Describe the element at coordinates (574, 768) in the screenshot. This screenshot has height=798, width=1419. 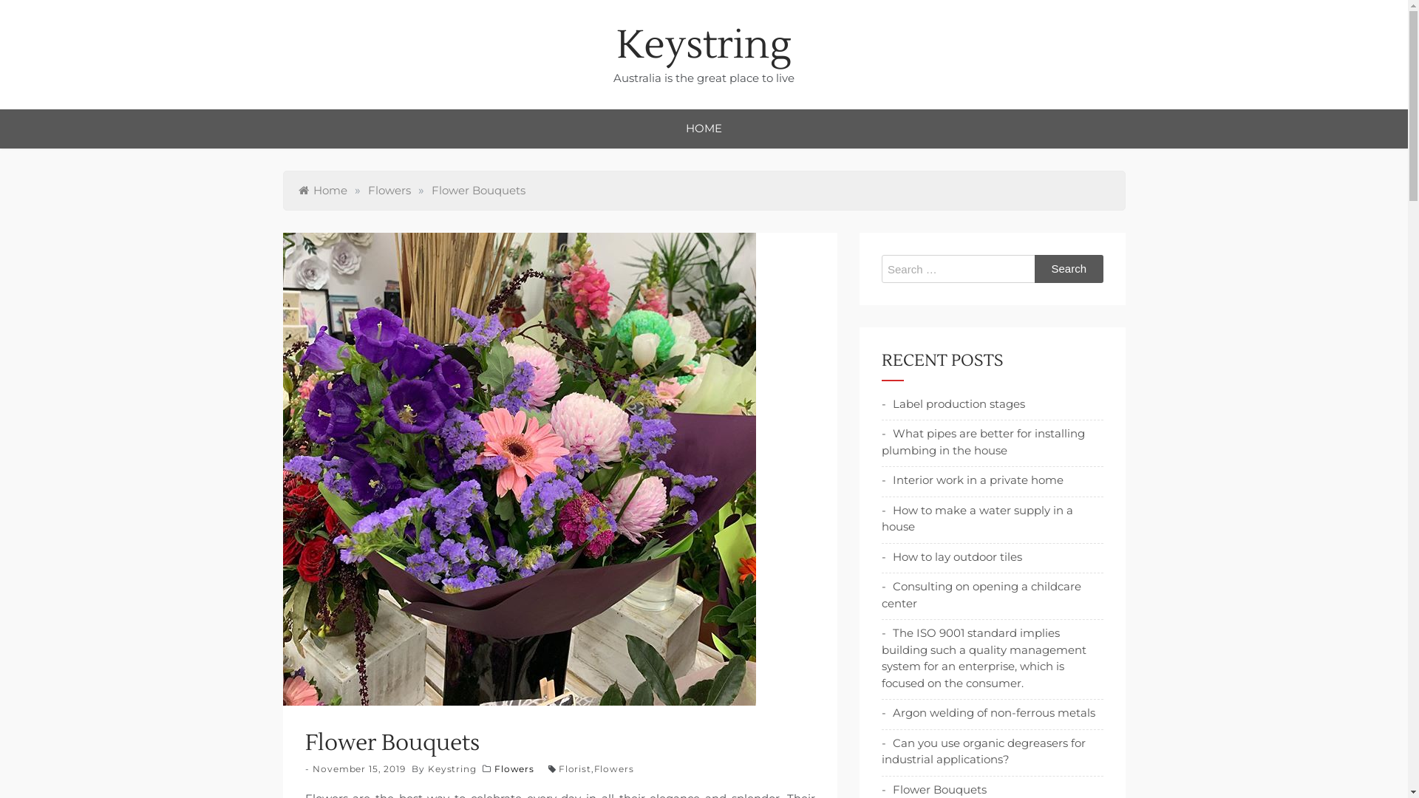
I see `'Florist'` at that location.